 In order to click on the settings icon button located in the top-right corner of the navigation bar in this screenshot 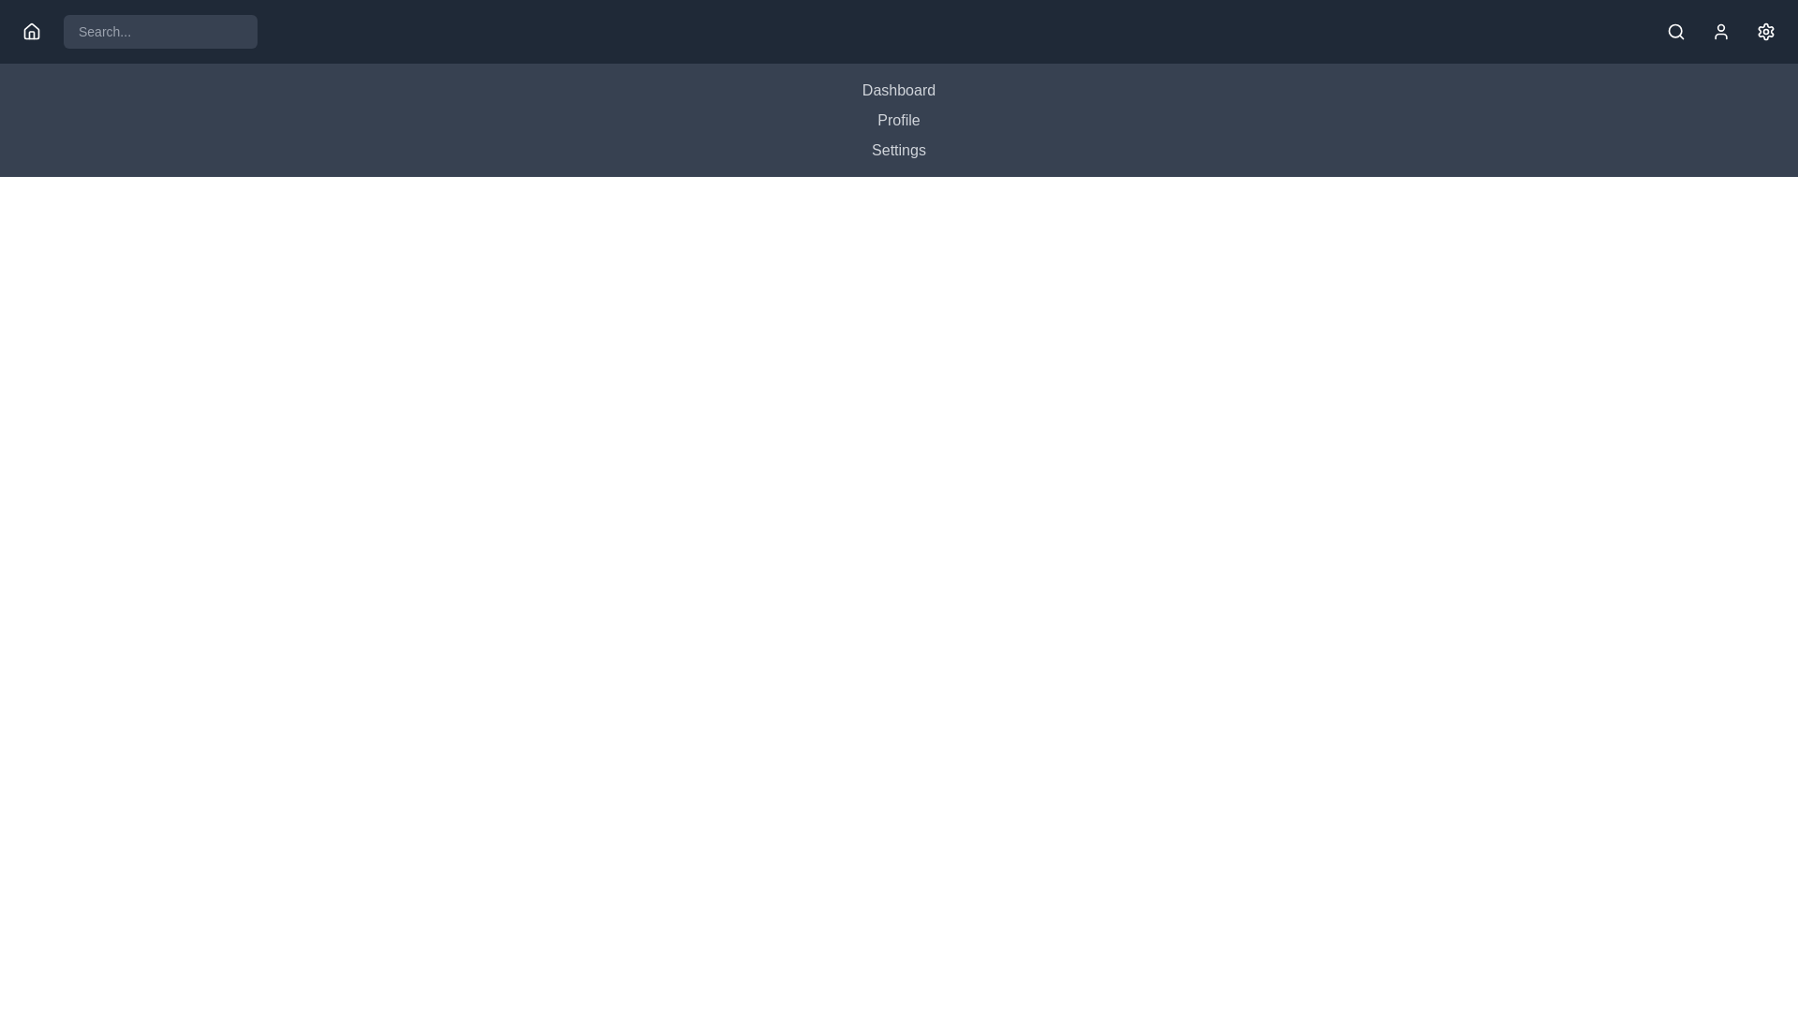, I will do `click(1765, 32)`.